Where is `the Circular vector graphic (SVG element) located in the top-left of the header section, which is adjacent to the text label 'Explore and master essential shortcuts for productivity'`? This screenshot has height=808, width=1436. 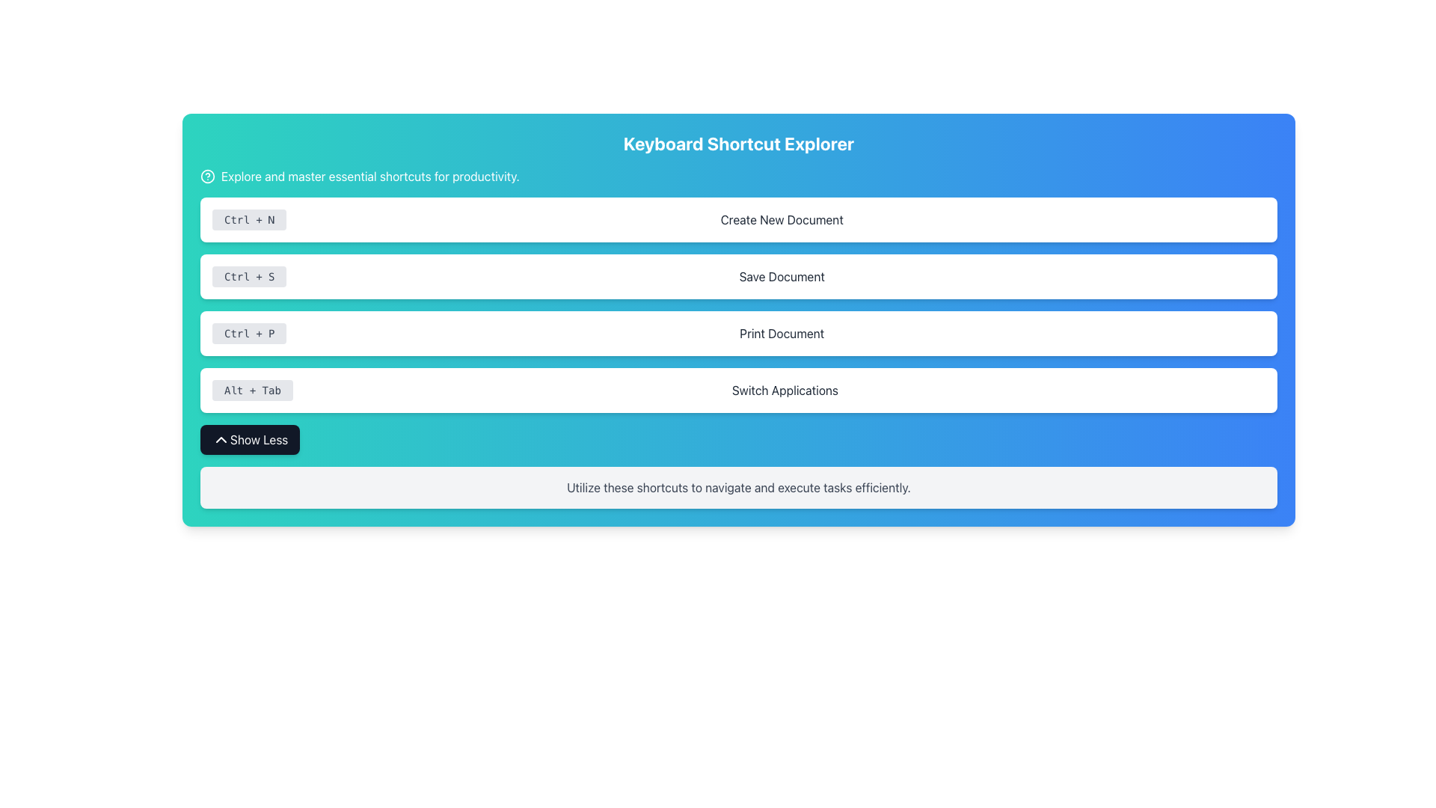
the Circular vector graphic (SVG element) located in the top-left of the header section, which is adjacent to the text label 'Explore and master essential shortcuts for productivity' is located at coordinates (207, 175).